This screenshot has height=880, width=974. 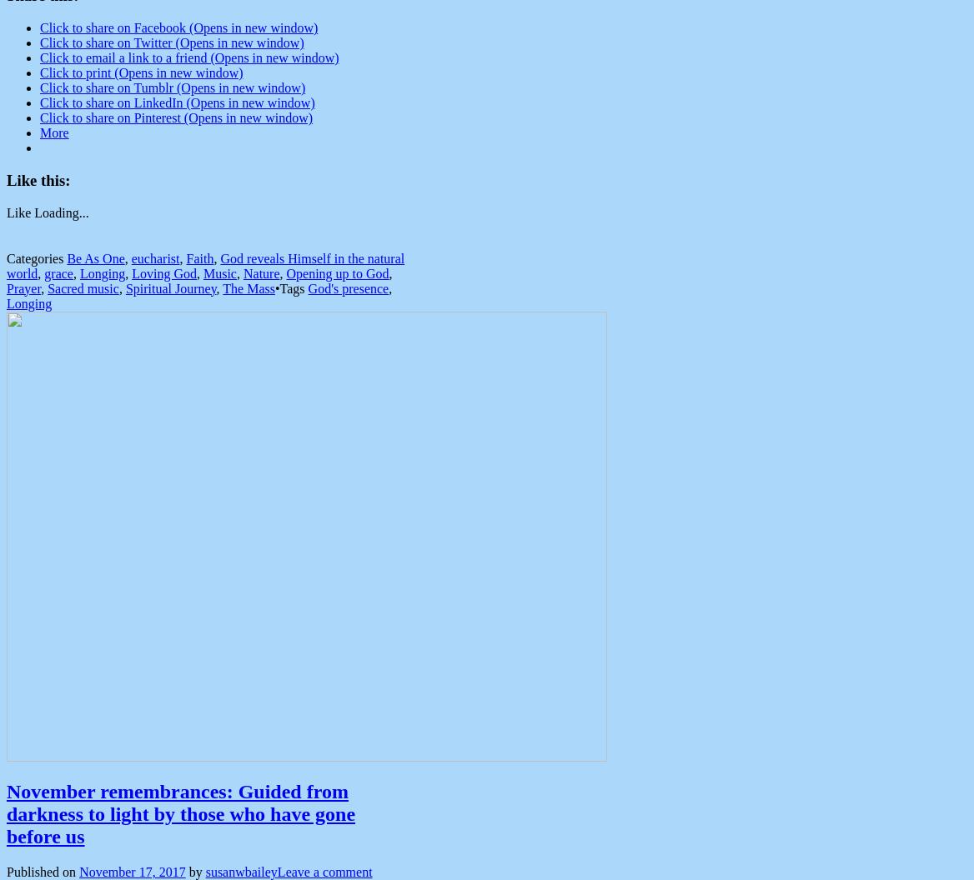 What do you see at coordinates (336, 272) in the screenshot?
I see `'Opening up to God'` at bounding box center [336, 272].